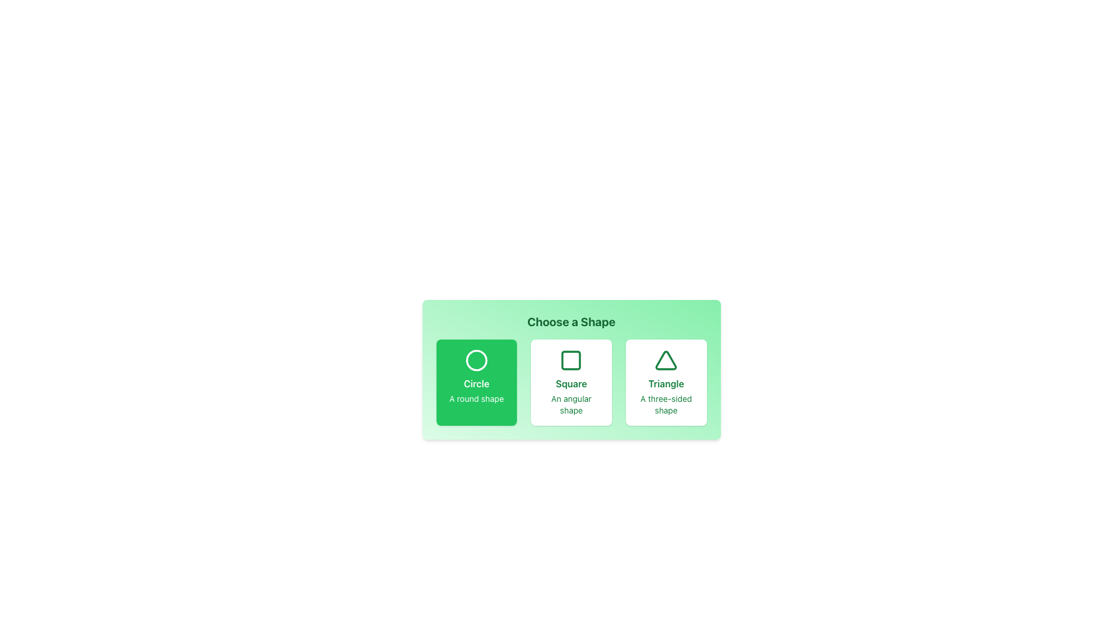  Describe the element at coordinates (666, 404) in the screenshot. I see `descriptive text label for the 'Triangle' option, which is centered underneath its label text 'Triangle'` at that location.